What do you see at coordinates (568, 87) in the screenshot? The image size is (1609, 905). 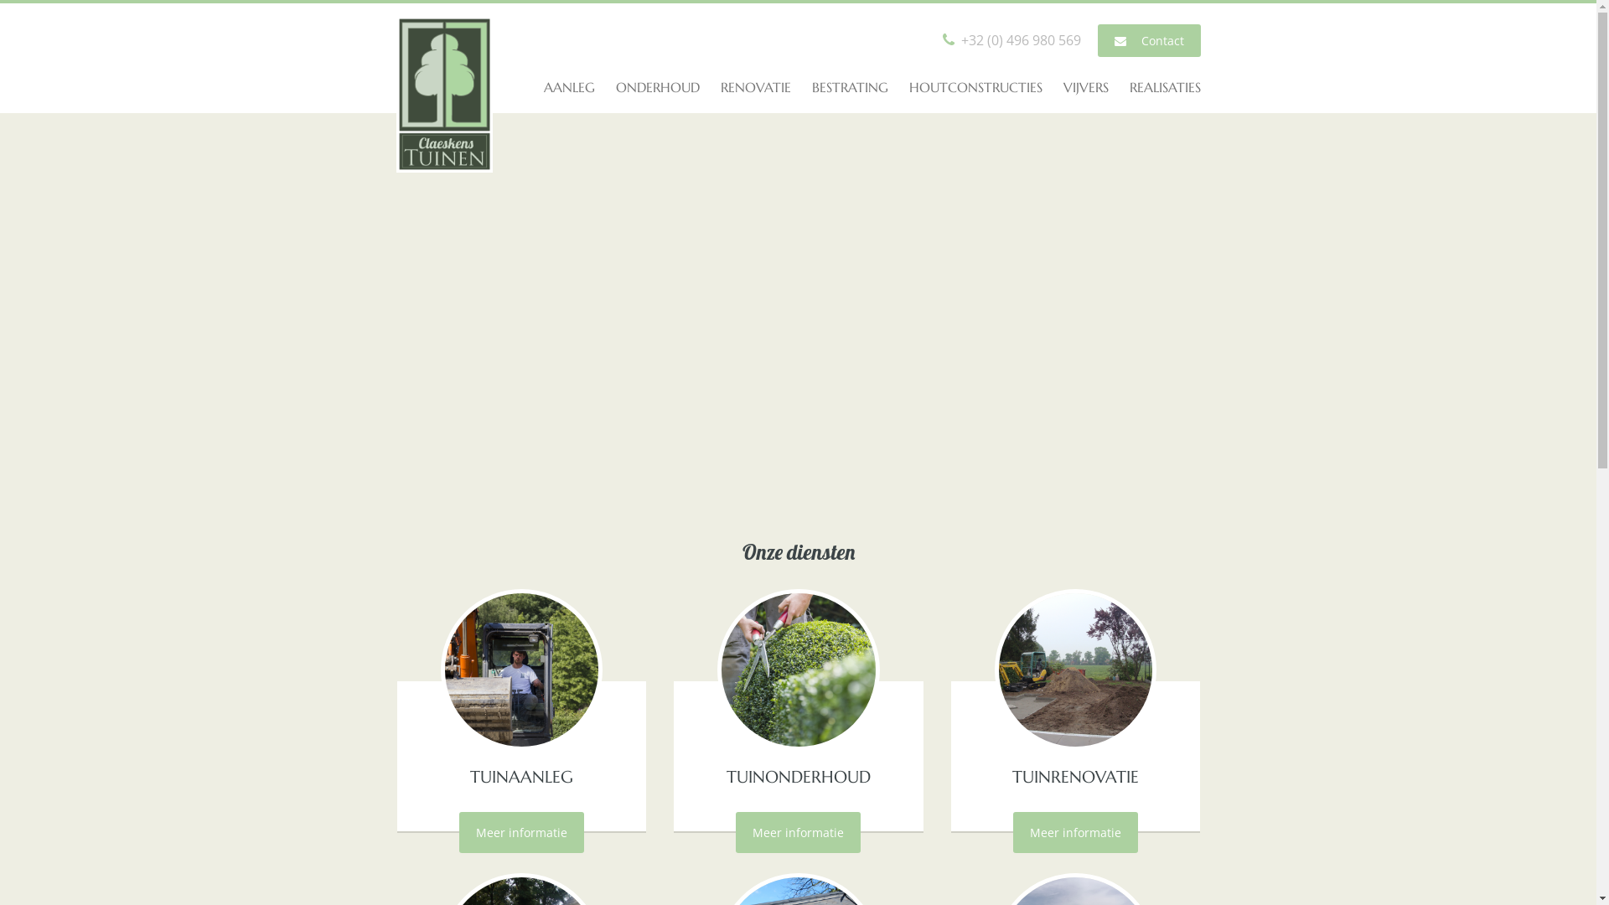 I see `'AANLEG'` at bounding box center [568, 87].